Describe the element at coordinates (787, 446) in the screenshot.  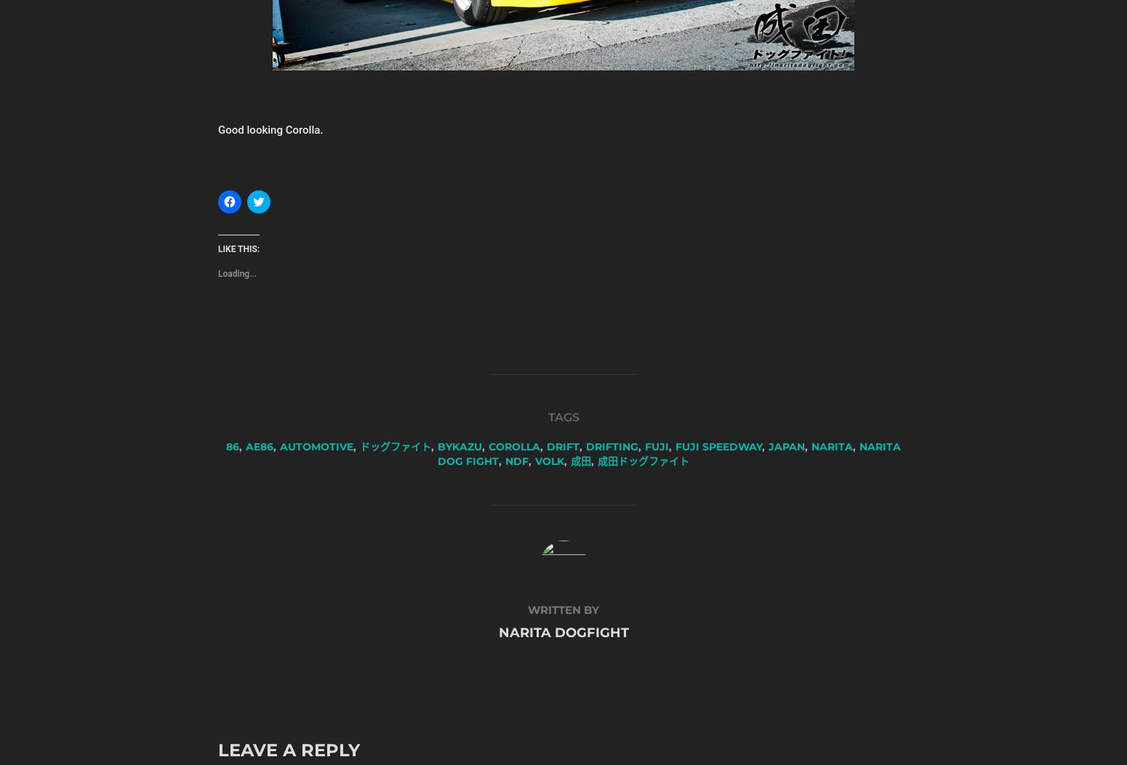
I see `'Japan'` at that location.